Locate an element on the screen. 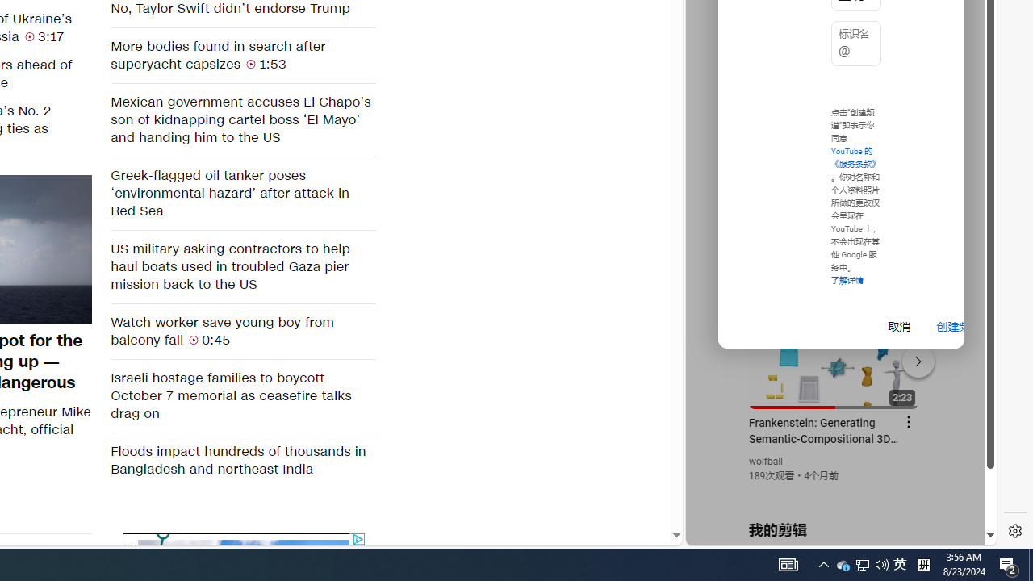 This screenshot has width=1033, height=581. 'Watch worker save young boy from balcony fall 0:45' is located at coordinates (242, 330).